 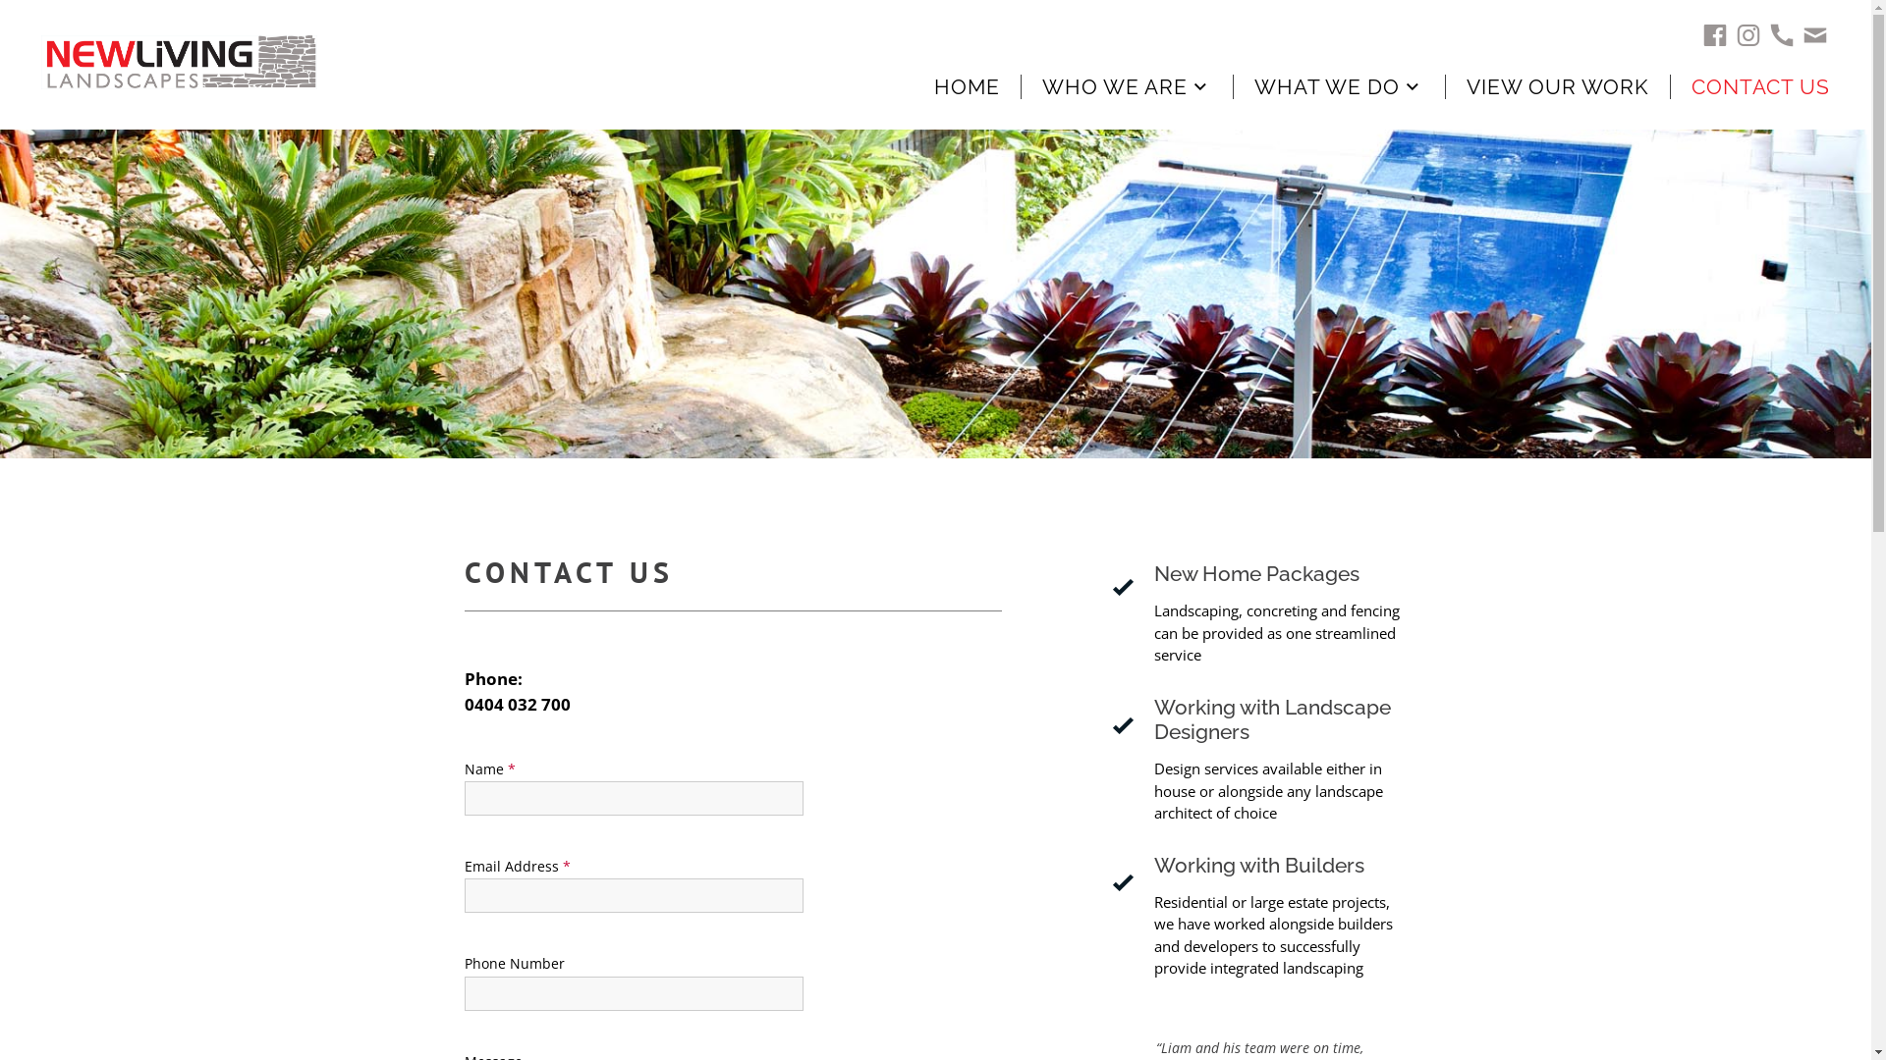 I want to click on 'HOME', so click(x=932, y=85).